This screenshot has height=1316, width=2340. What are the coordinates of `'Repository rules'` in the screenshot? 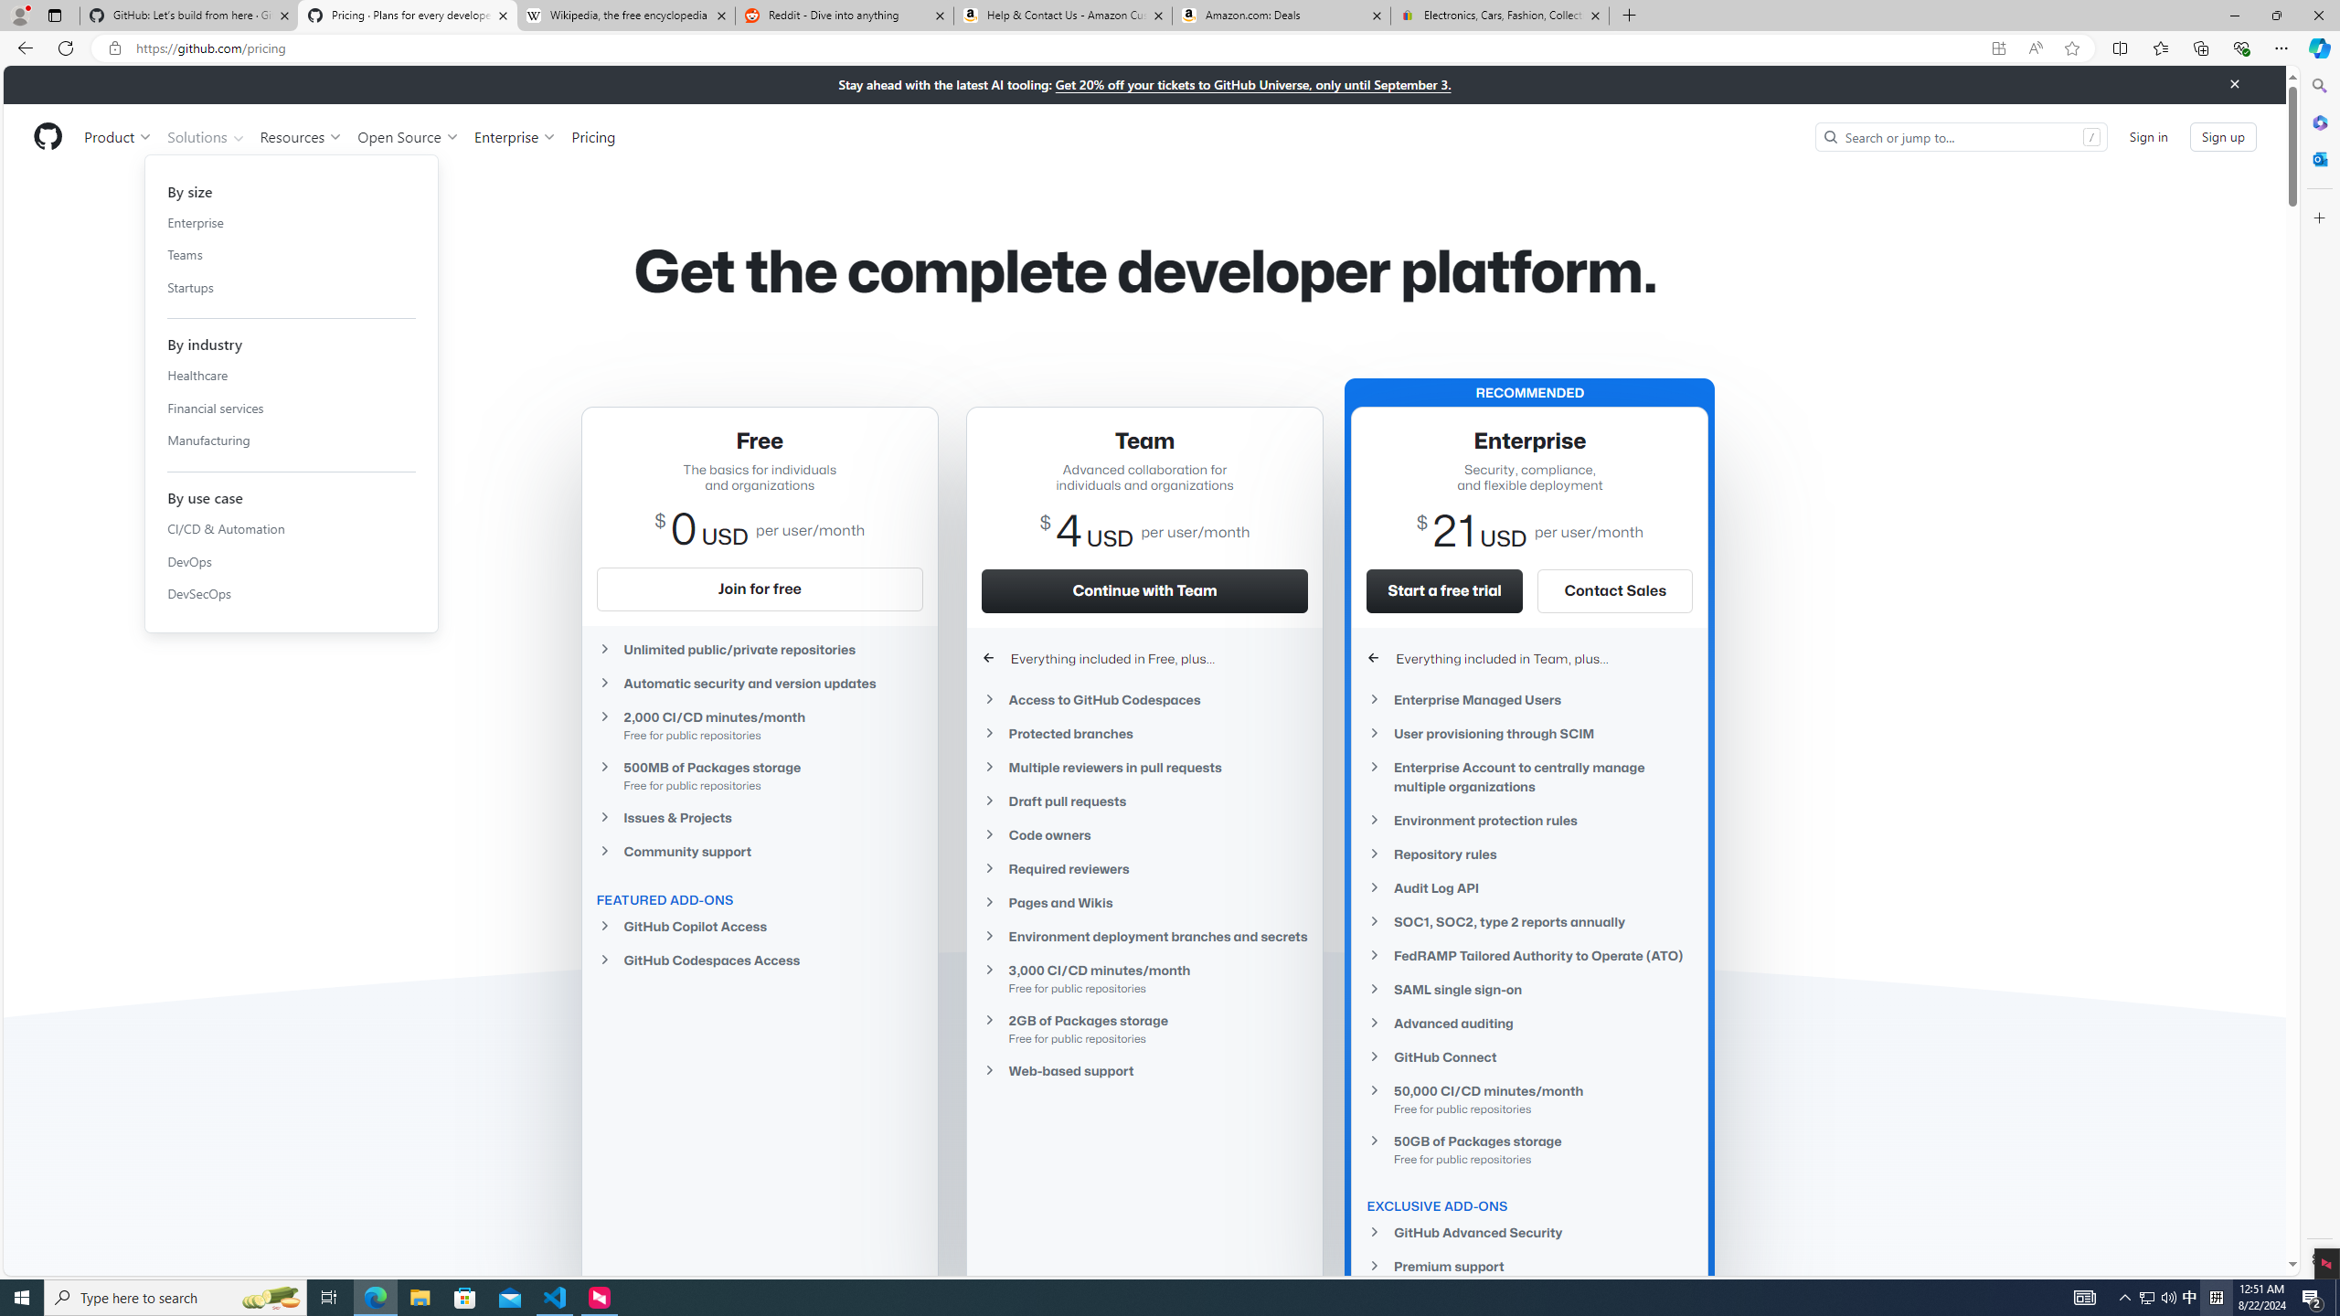 It's located at (1530, 852).